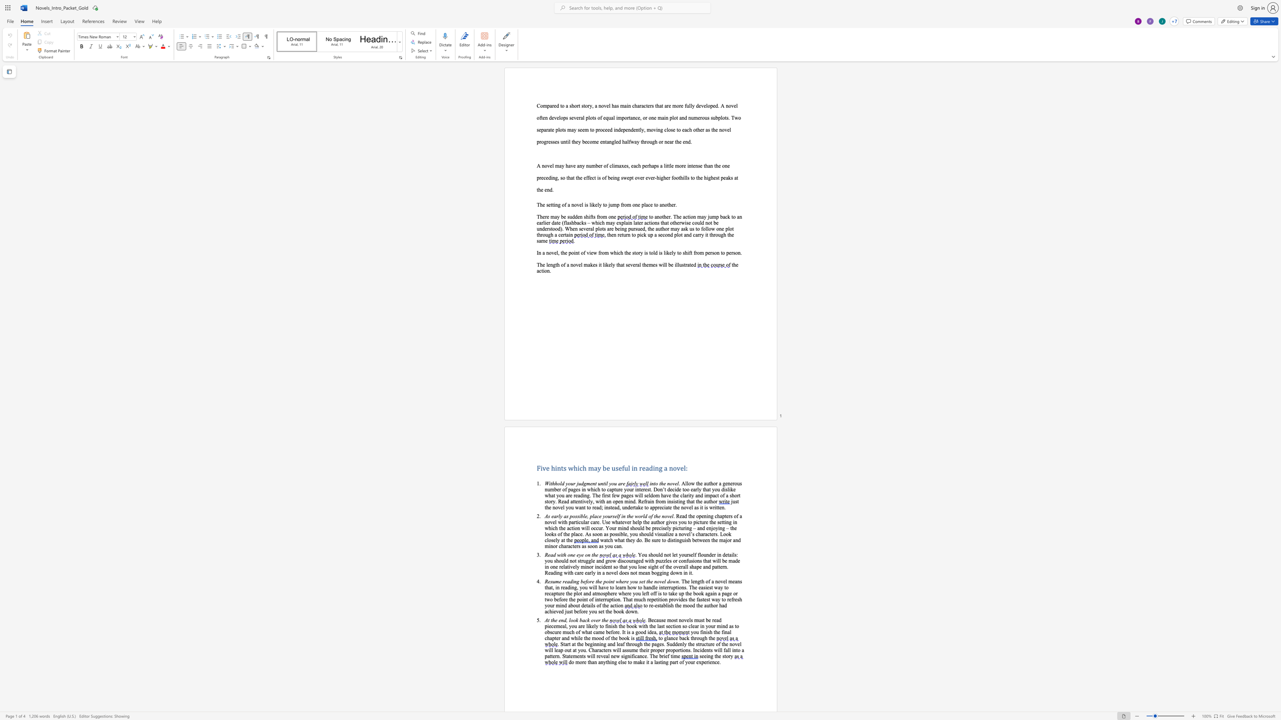  Describe the element at coordinates (579, 204) in the screenshot. I see `the space between the continuous character "v" and "e" in the text` at that location.